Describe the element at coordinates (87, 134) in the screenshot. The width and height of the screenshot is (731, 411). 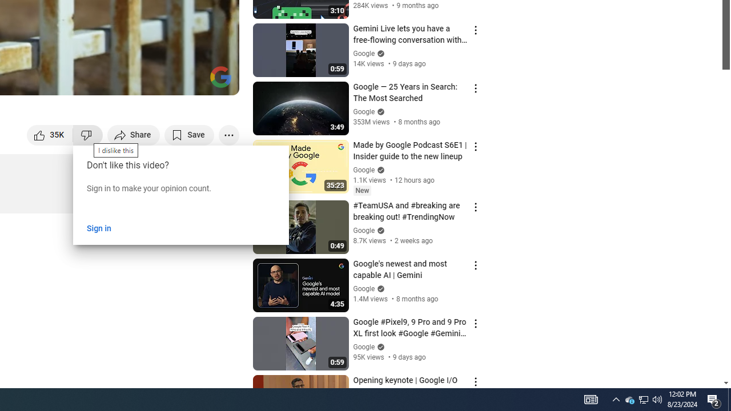
I see `'Dislike this video'` at that location.